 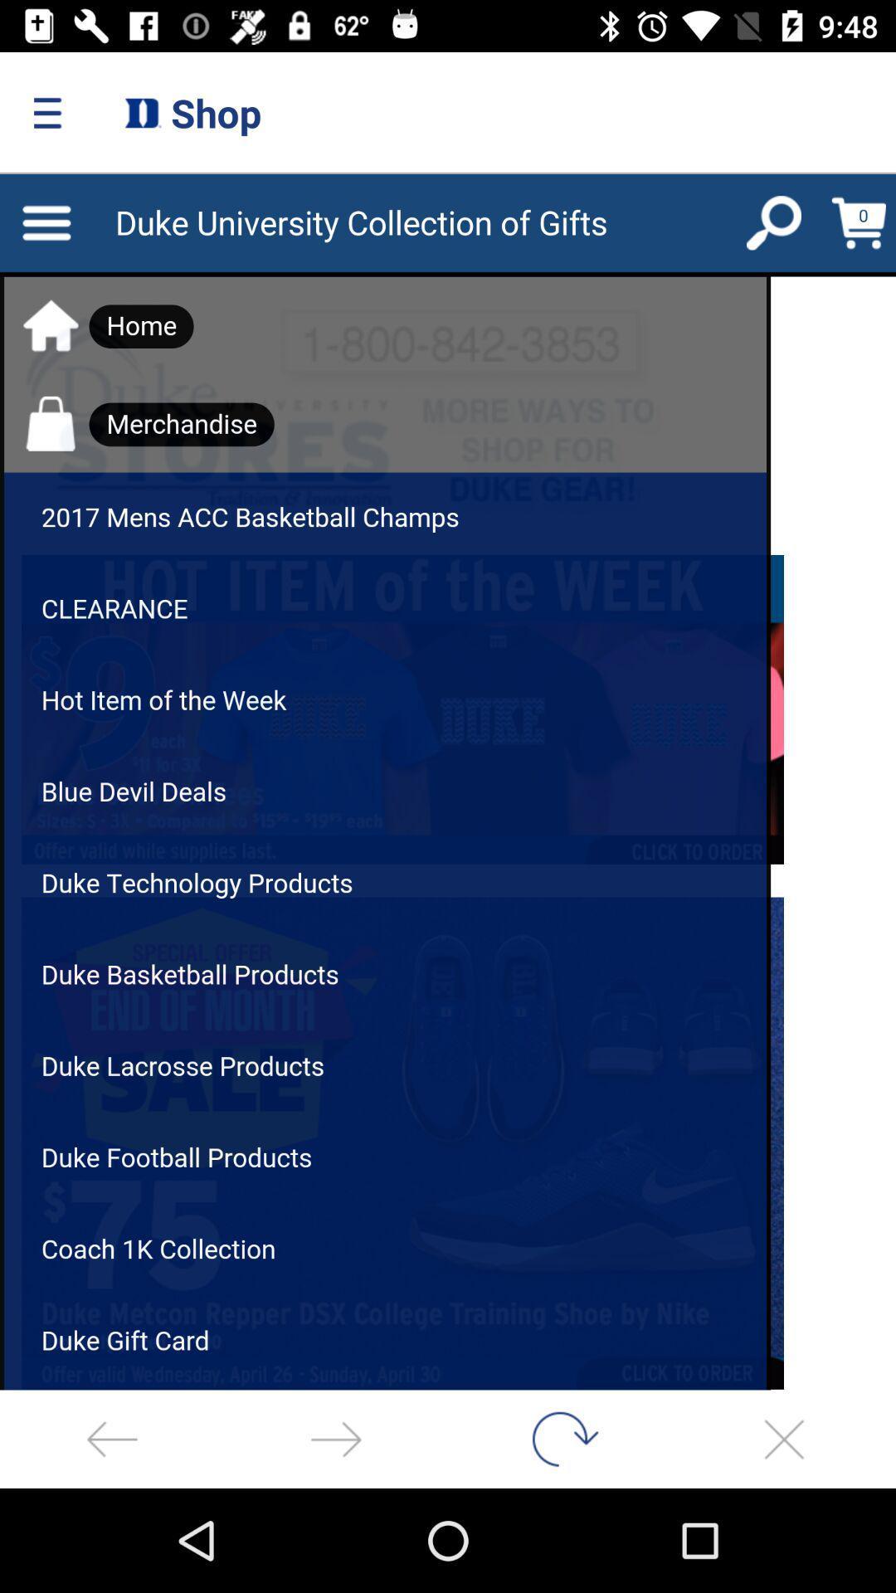 I want to click on back to previous page, so click(x=112, y=1438).